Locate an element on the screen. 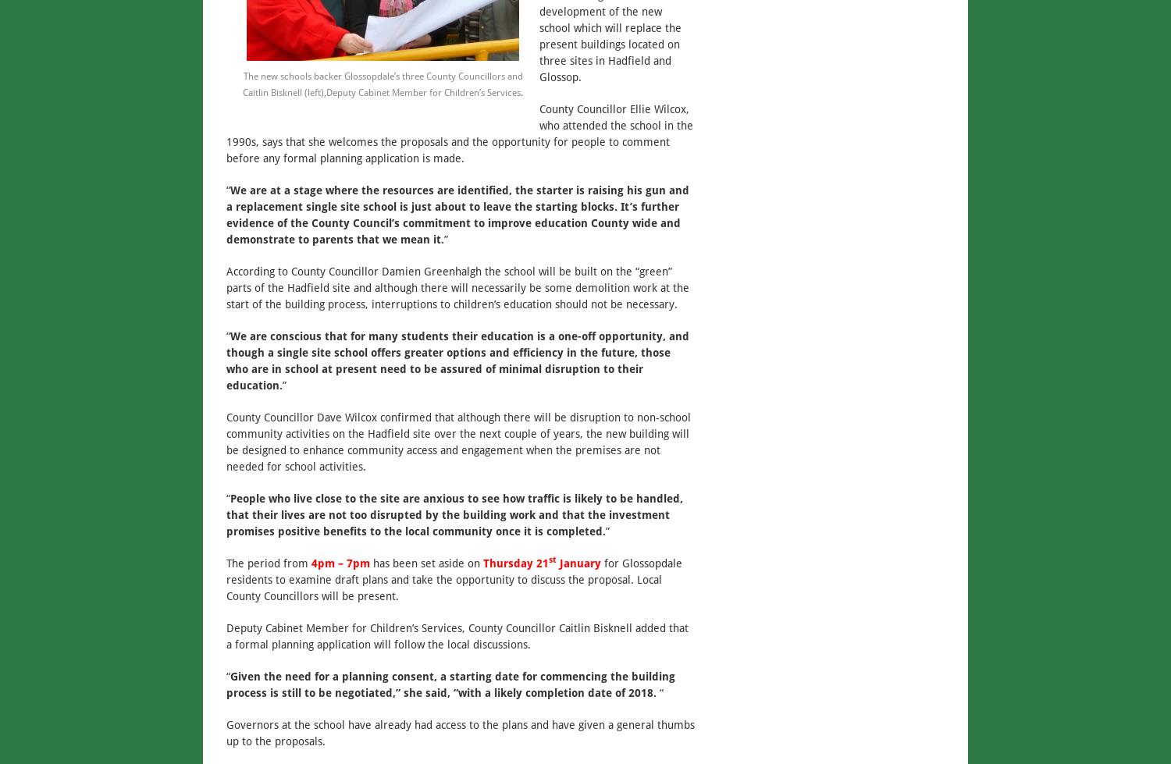  'The new schools backer Glossopdale’s three County Councillors and Caitlin Bisknell (left),Deputy Cabinet Member for Children’s Services.' is located at coordinates (242, 84).